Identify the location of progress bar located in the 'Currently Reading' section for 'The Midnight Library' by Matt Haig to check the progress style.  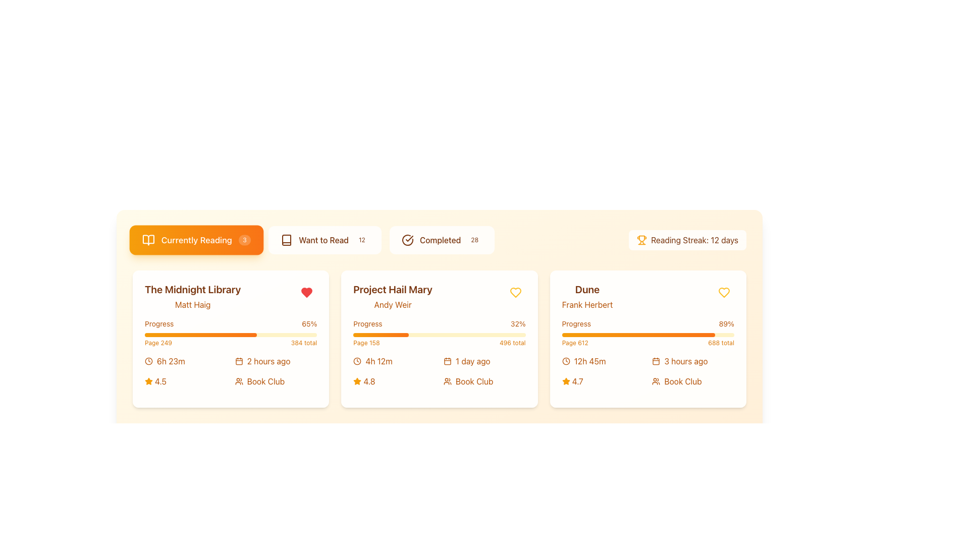
(201, 335).